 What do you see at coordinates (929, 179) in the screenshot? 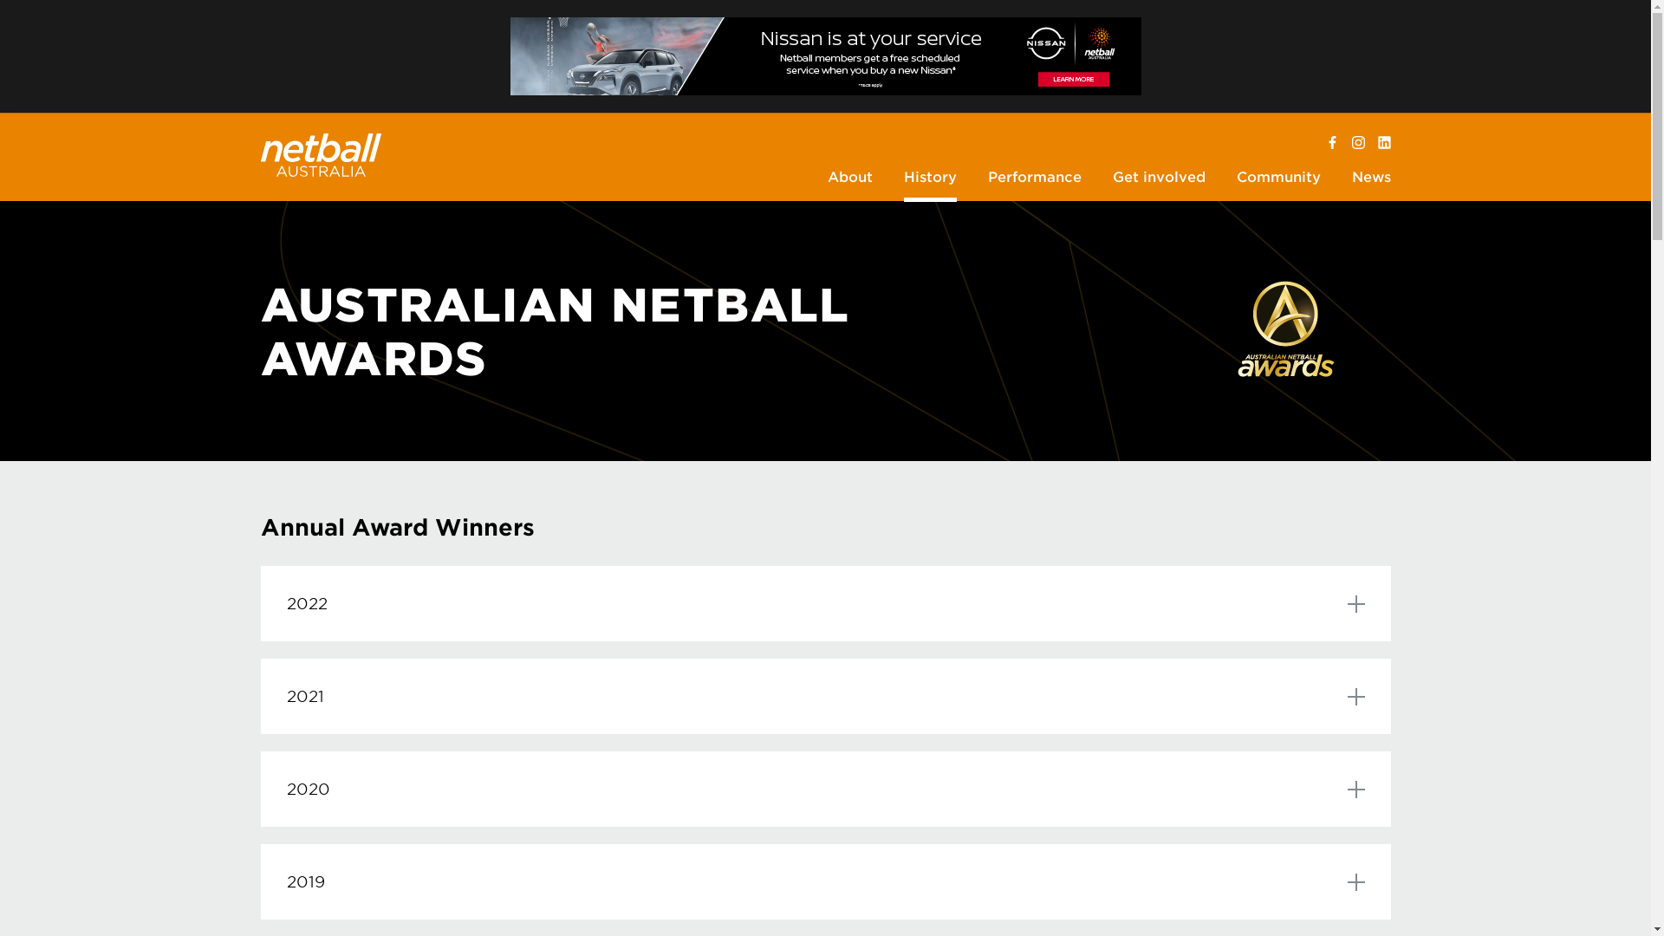
I see `'History'` at bounding box center [929, 179].